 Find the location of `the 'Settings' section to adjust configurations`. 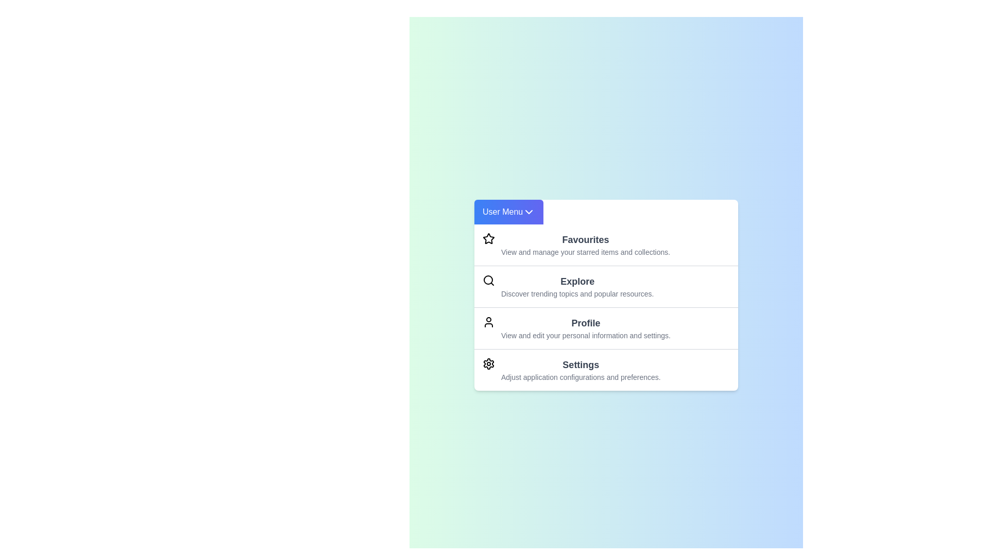

the 'Settings' section to adjust configurations is located at coordinates (581, 369).